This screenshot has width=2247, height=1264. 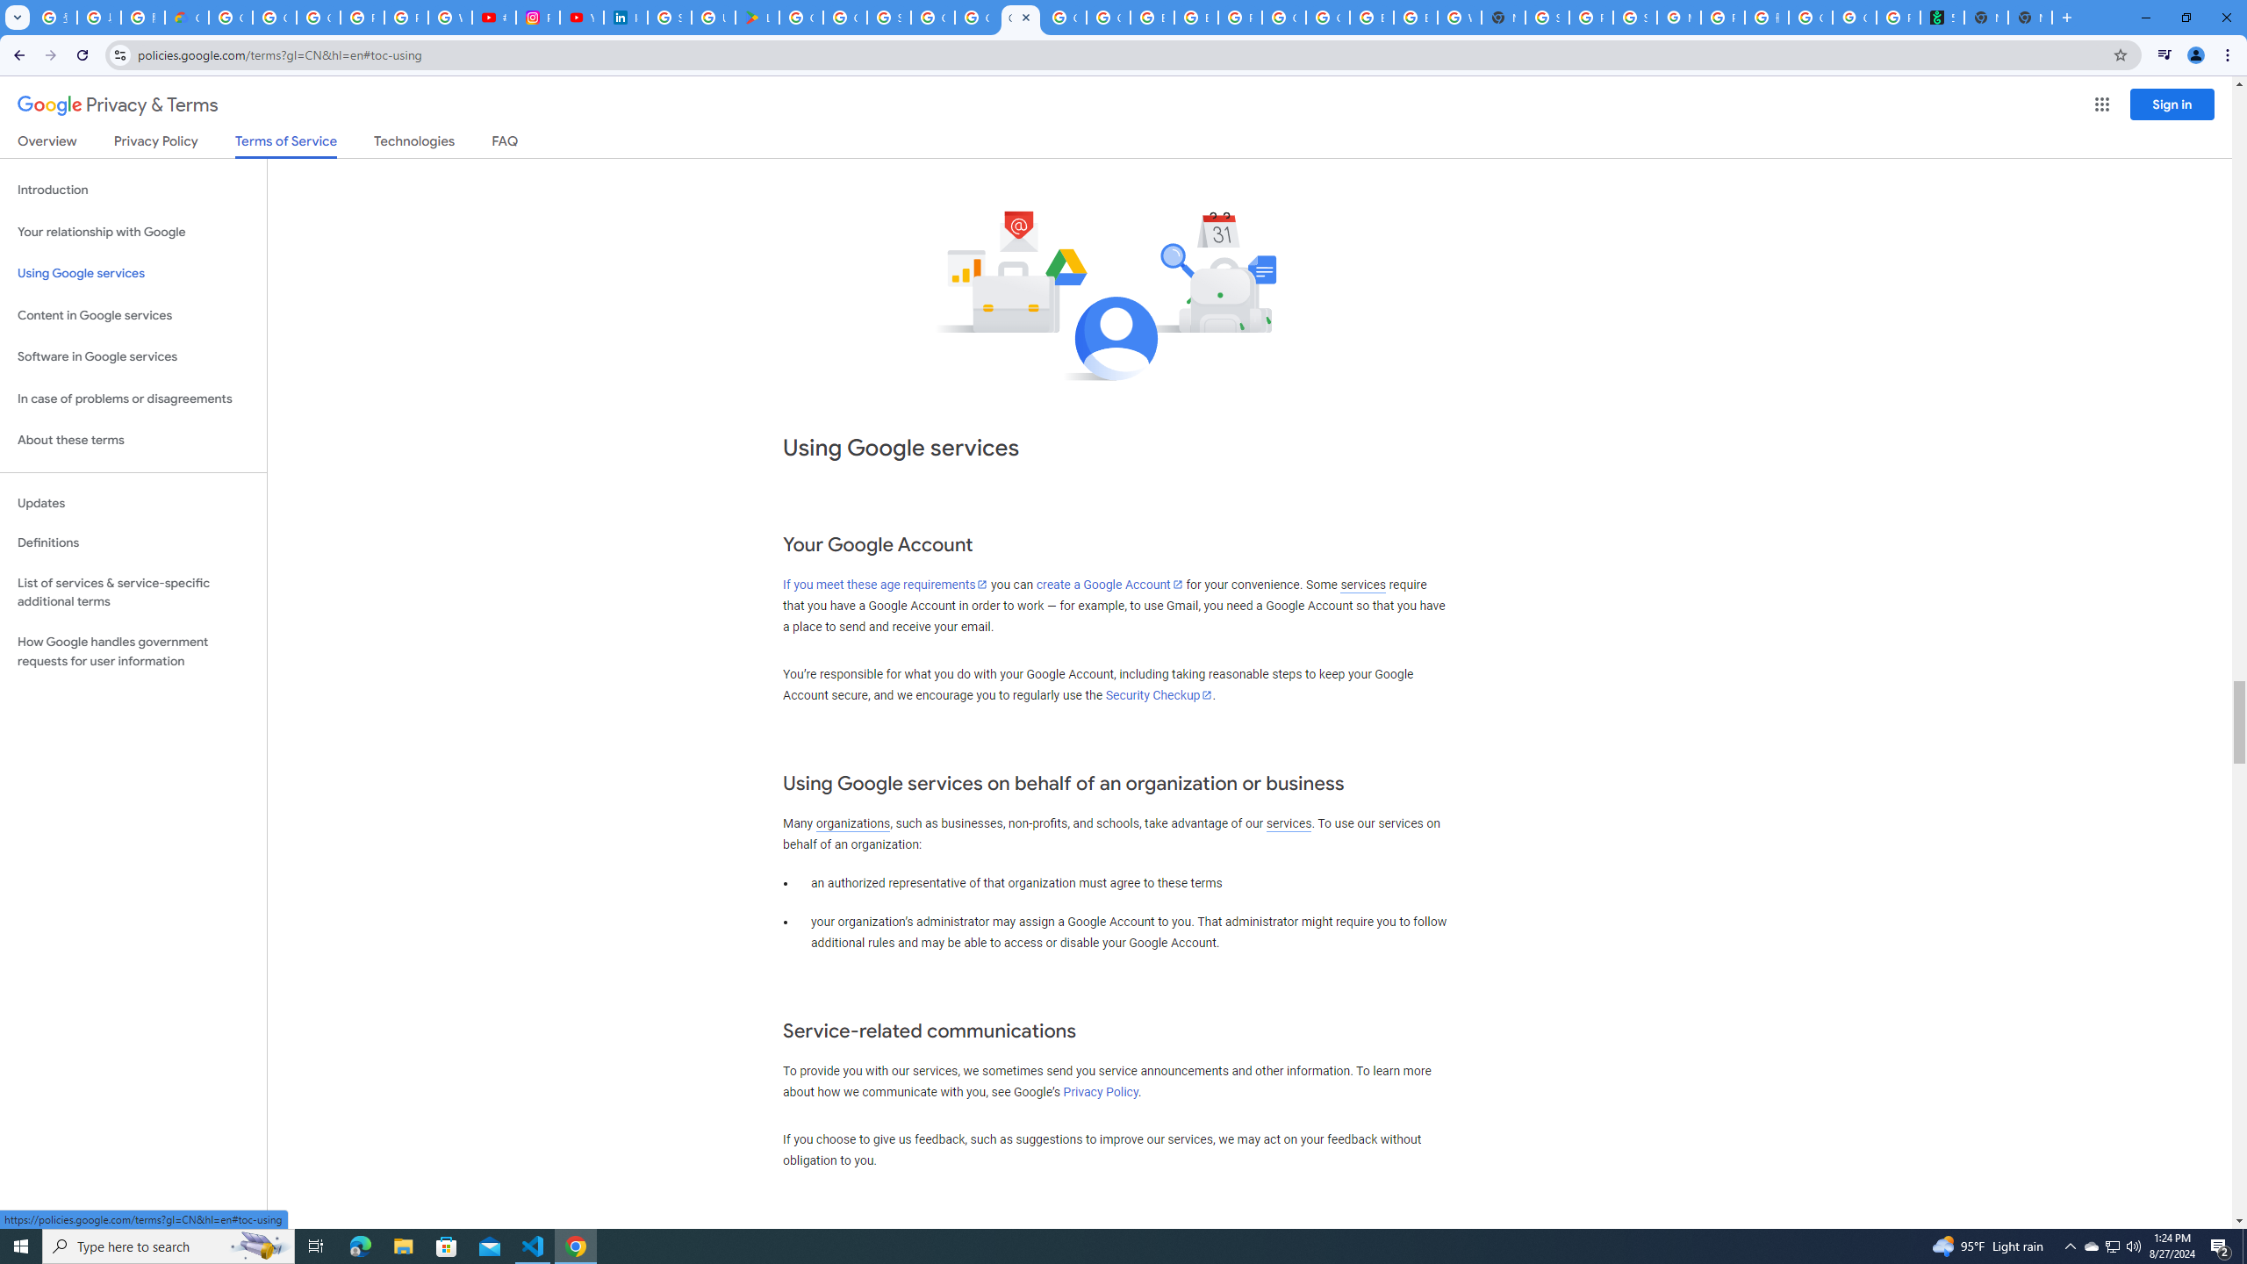 What do you see at coordinates (133, 399) in the screenshot?
I see `'In case of problems or disagreements'` at bounding box center [133, 399].